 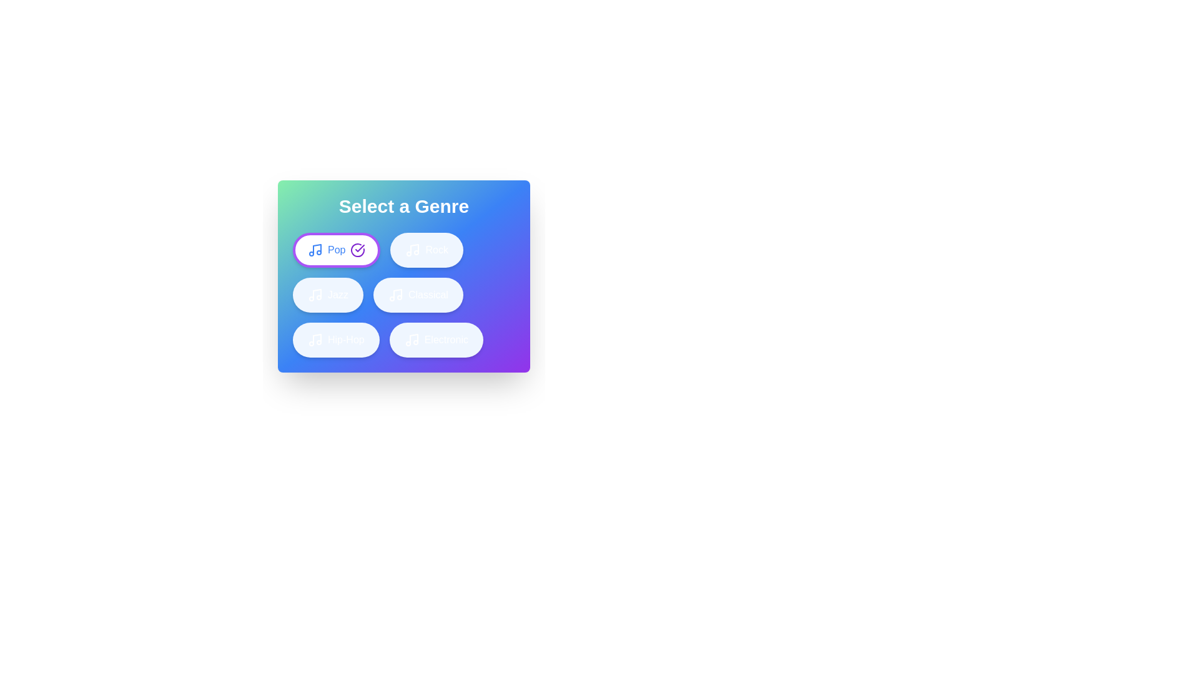 What do you see at coordinates (317, 248) in the screenshot?
I see `the design of the decorative musical note icon located within the left icon of the 'Pop' selection button, which is the first button in the interface panel` at bounding box center [317, 248].